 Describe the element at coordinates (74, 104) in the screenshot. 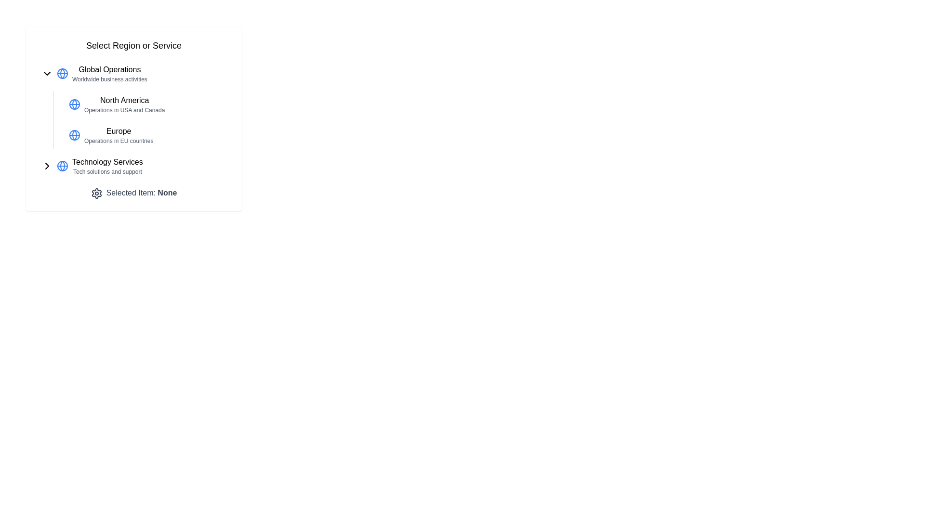

I see `the visual indicator associated with the 'North America' section in the region or service selection interface, located to the left of the text 'North America'` at that location.